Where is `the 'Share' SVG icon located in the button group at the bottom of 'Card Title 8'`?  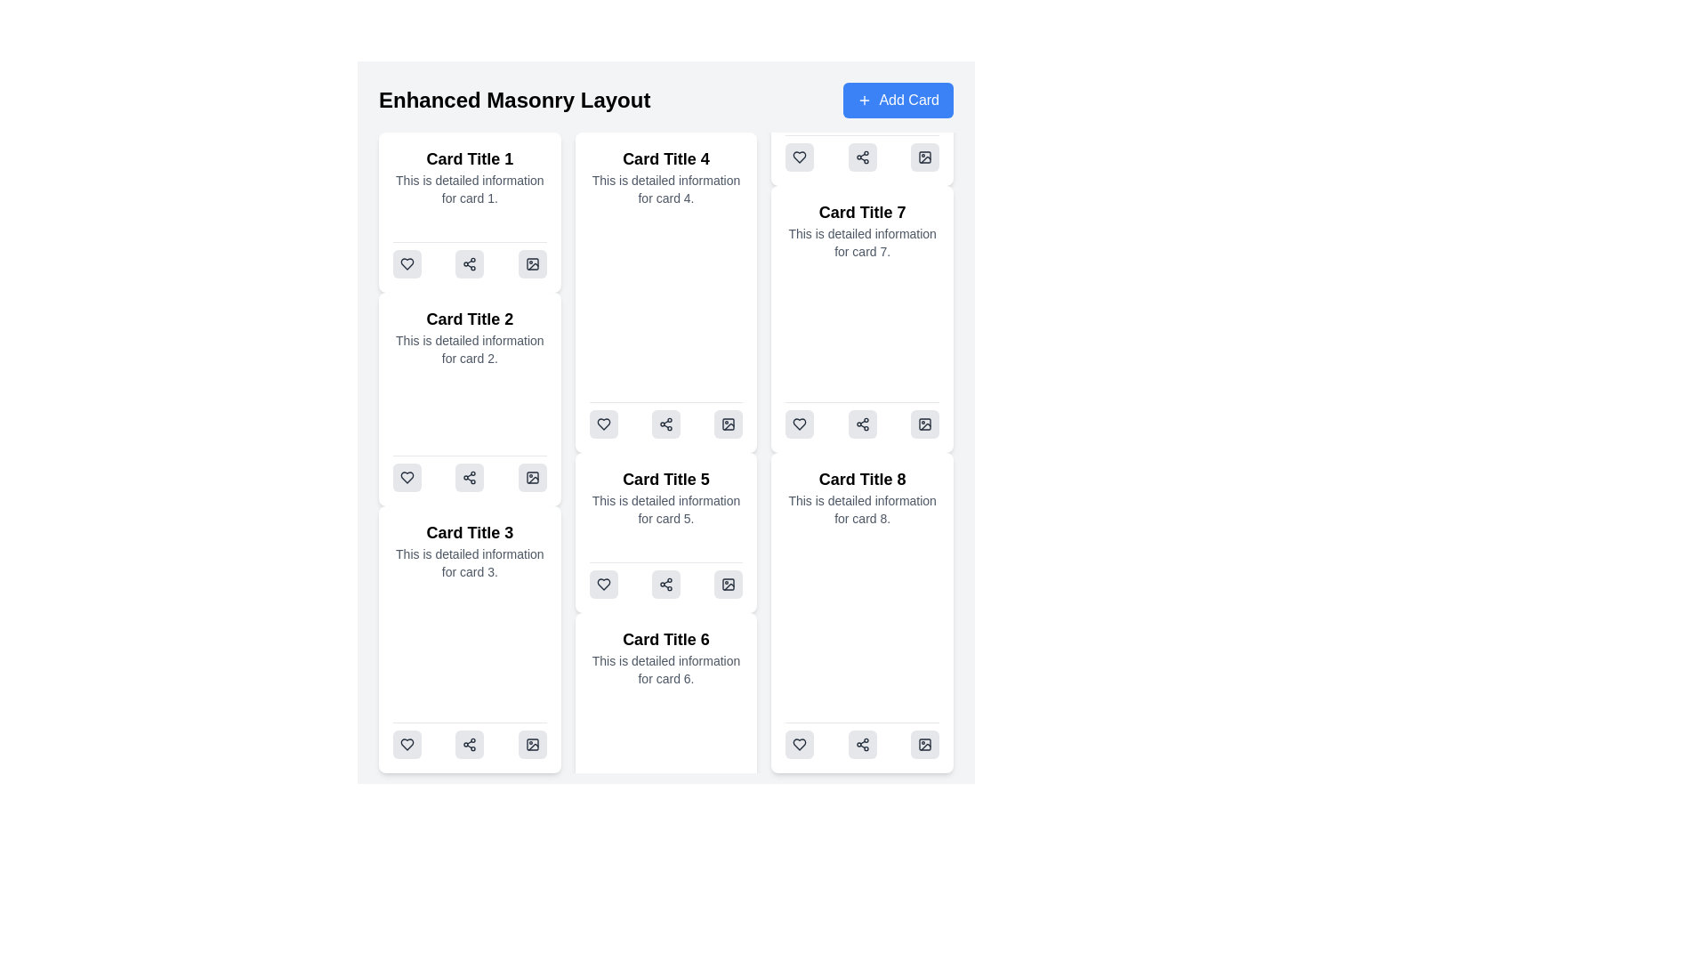 the 'Share' SVG icon located in the button group at the bottom of 'Card Title 8' is located at coordinates (862, 424).